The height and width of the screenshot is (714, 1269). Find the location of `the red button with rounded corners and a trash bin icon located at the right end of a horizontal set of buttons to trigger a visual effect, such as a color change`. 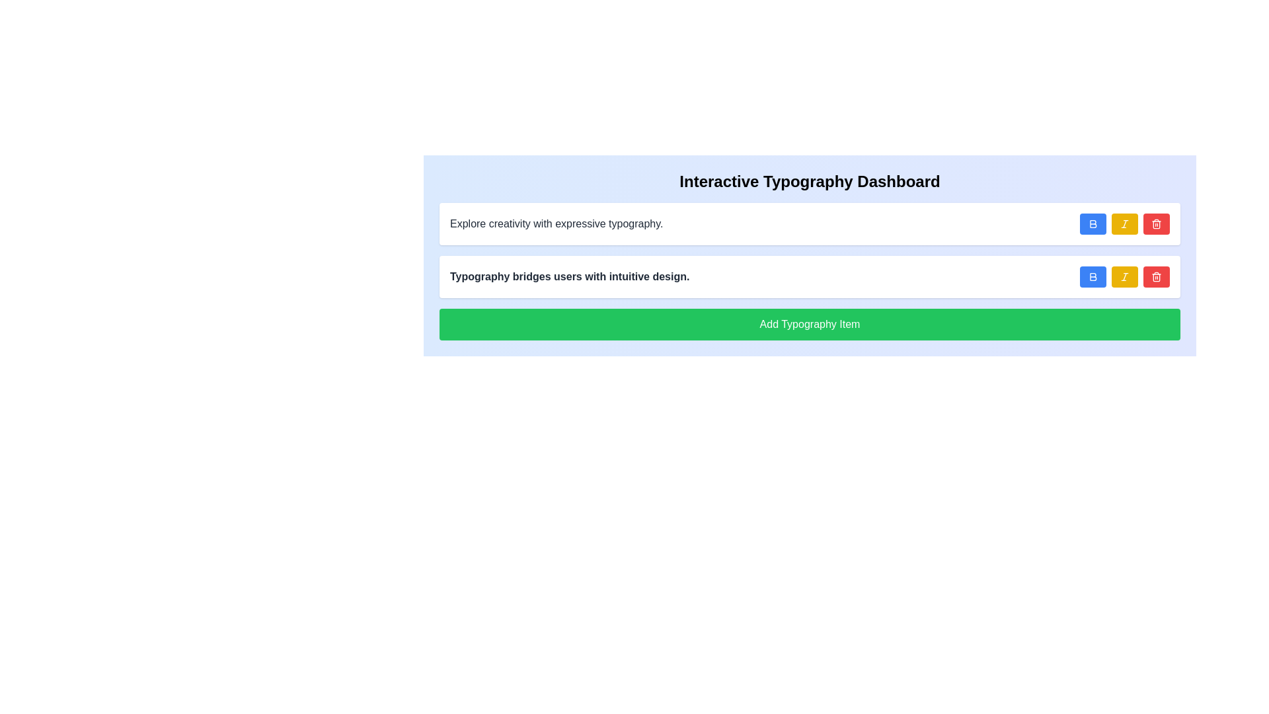

the red button with rounded corners and a trash bin icon located at the right end of a horizontal set of buttons to trigger a visual effect, such as a color change is located at coordinates (1156, 276).